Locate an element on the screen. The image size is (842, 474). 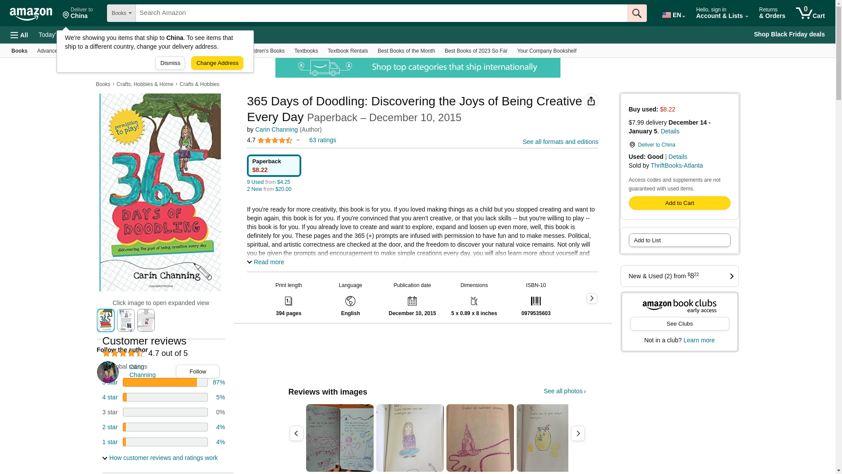
'Best Books of 2023 So Far' is located at coordinates (475, 50).